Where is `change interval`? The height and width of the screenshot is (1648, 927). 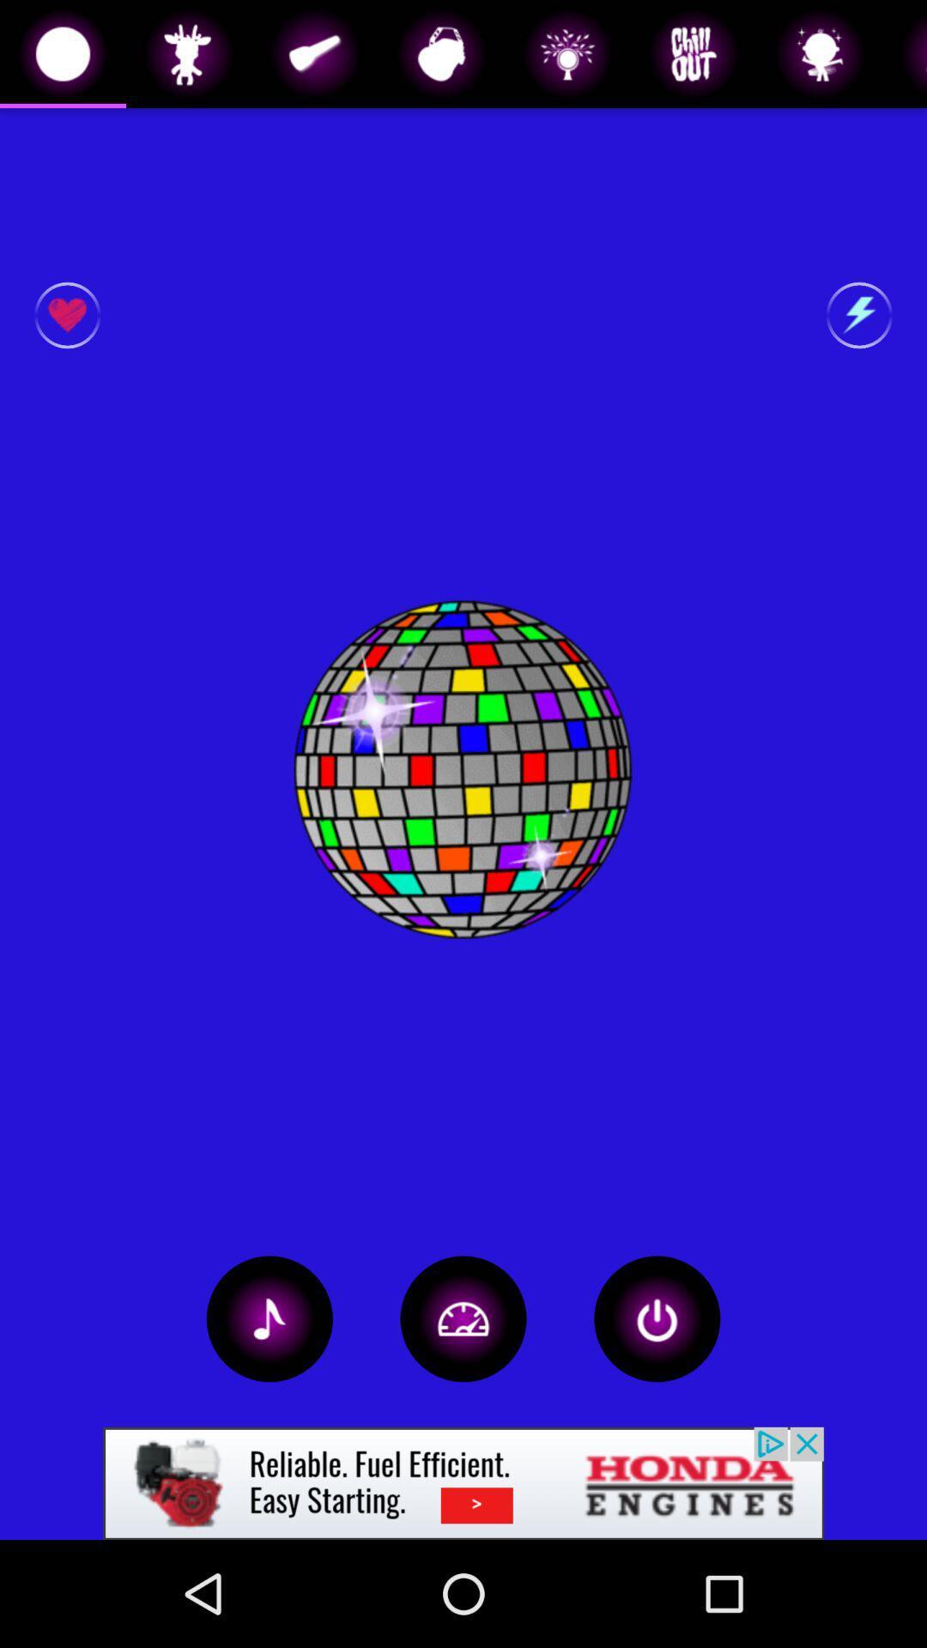 change interval is located at coordinates (463, 1318).